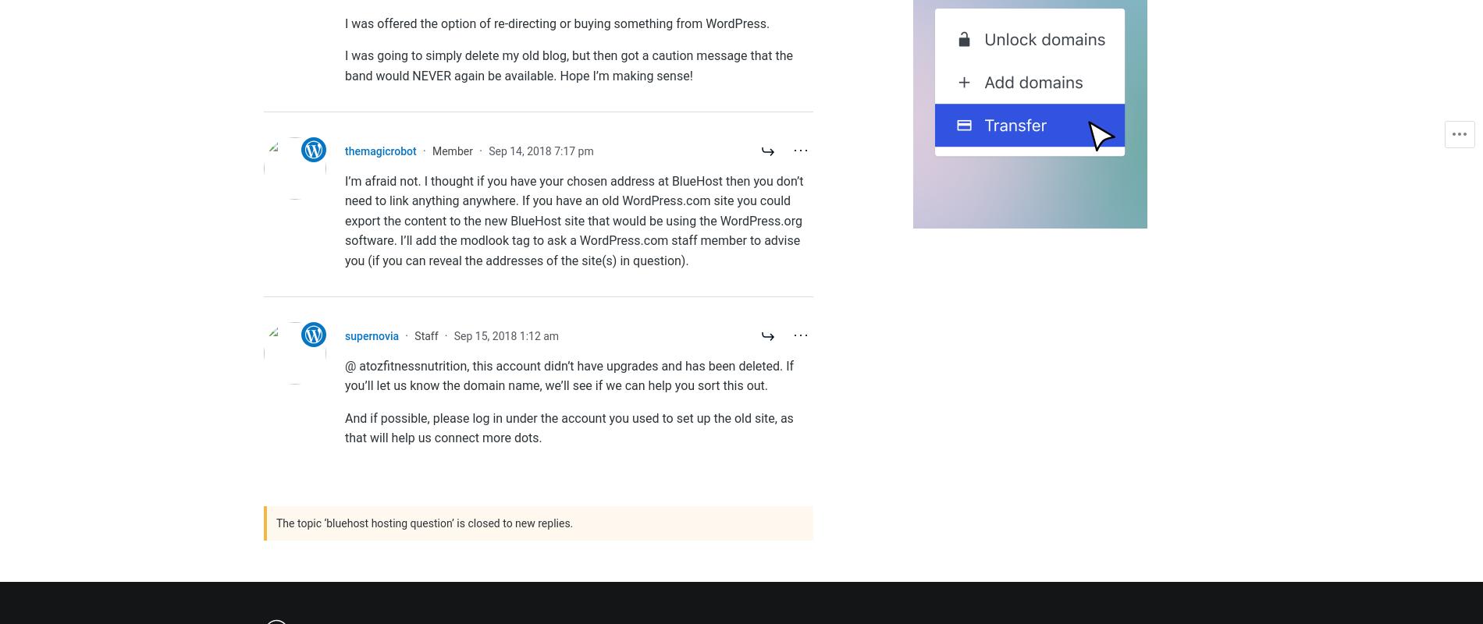  Describe the element at coordinates (557, 23) in the screenshot. I see `'I was offered the option of re-directing or buying something from WordPress.'` at that location.